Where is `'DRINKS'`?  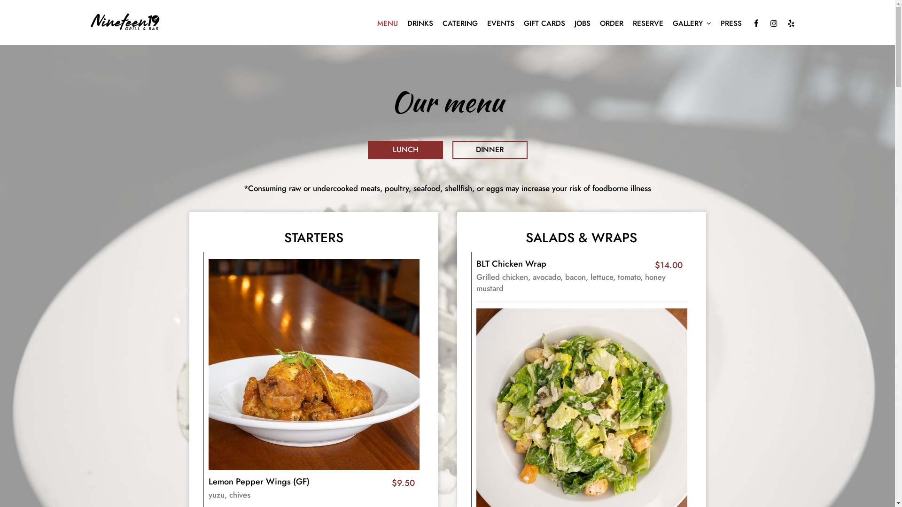
'DRINKS' is located at coordinates (402, 23).